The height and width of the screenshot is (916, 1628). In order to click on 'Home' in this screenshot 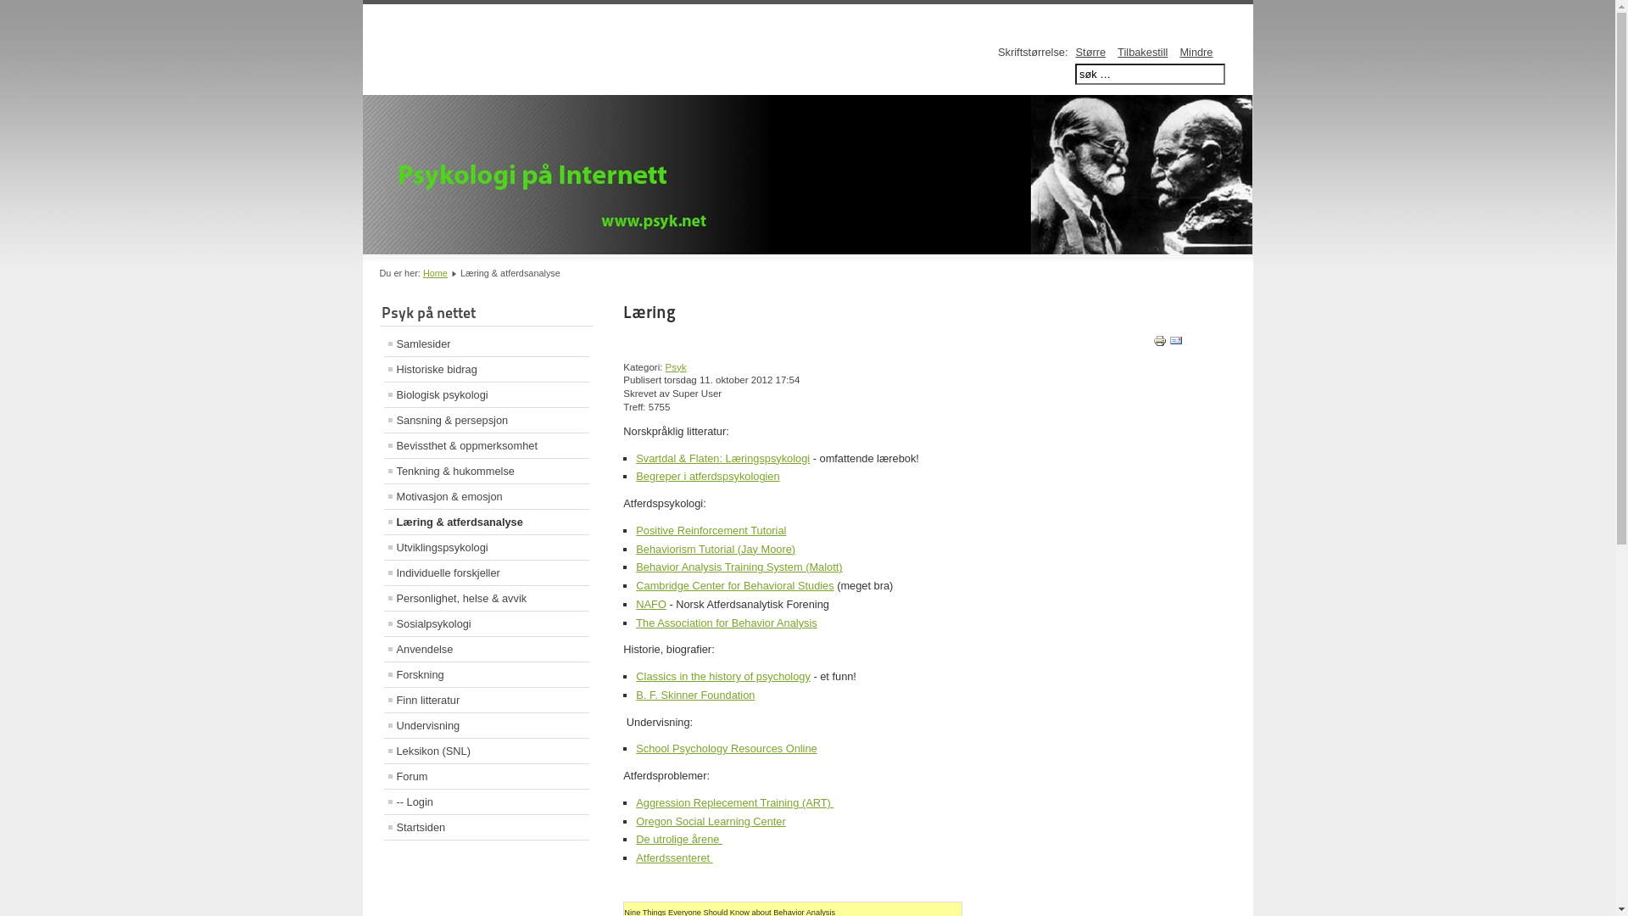, I will do `click(423, 271)`.